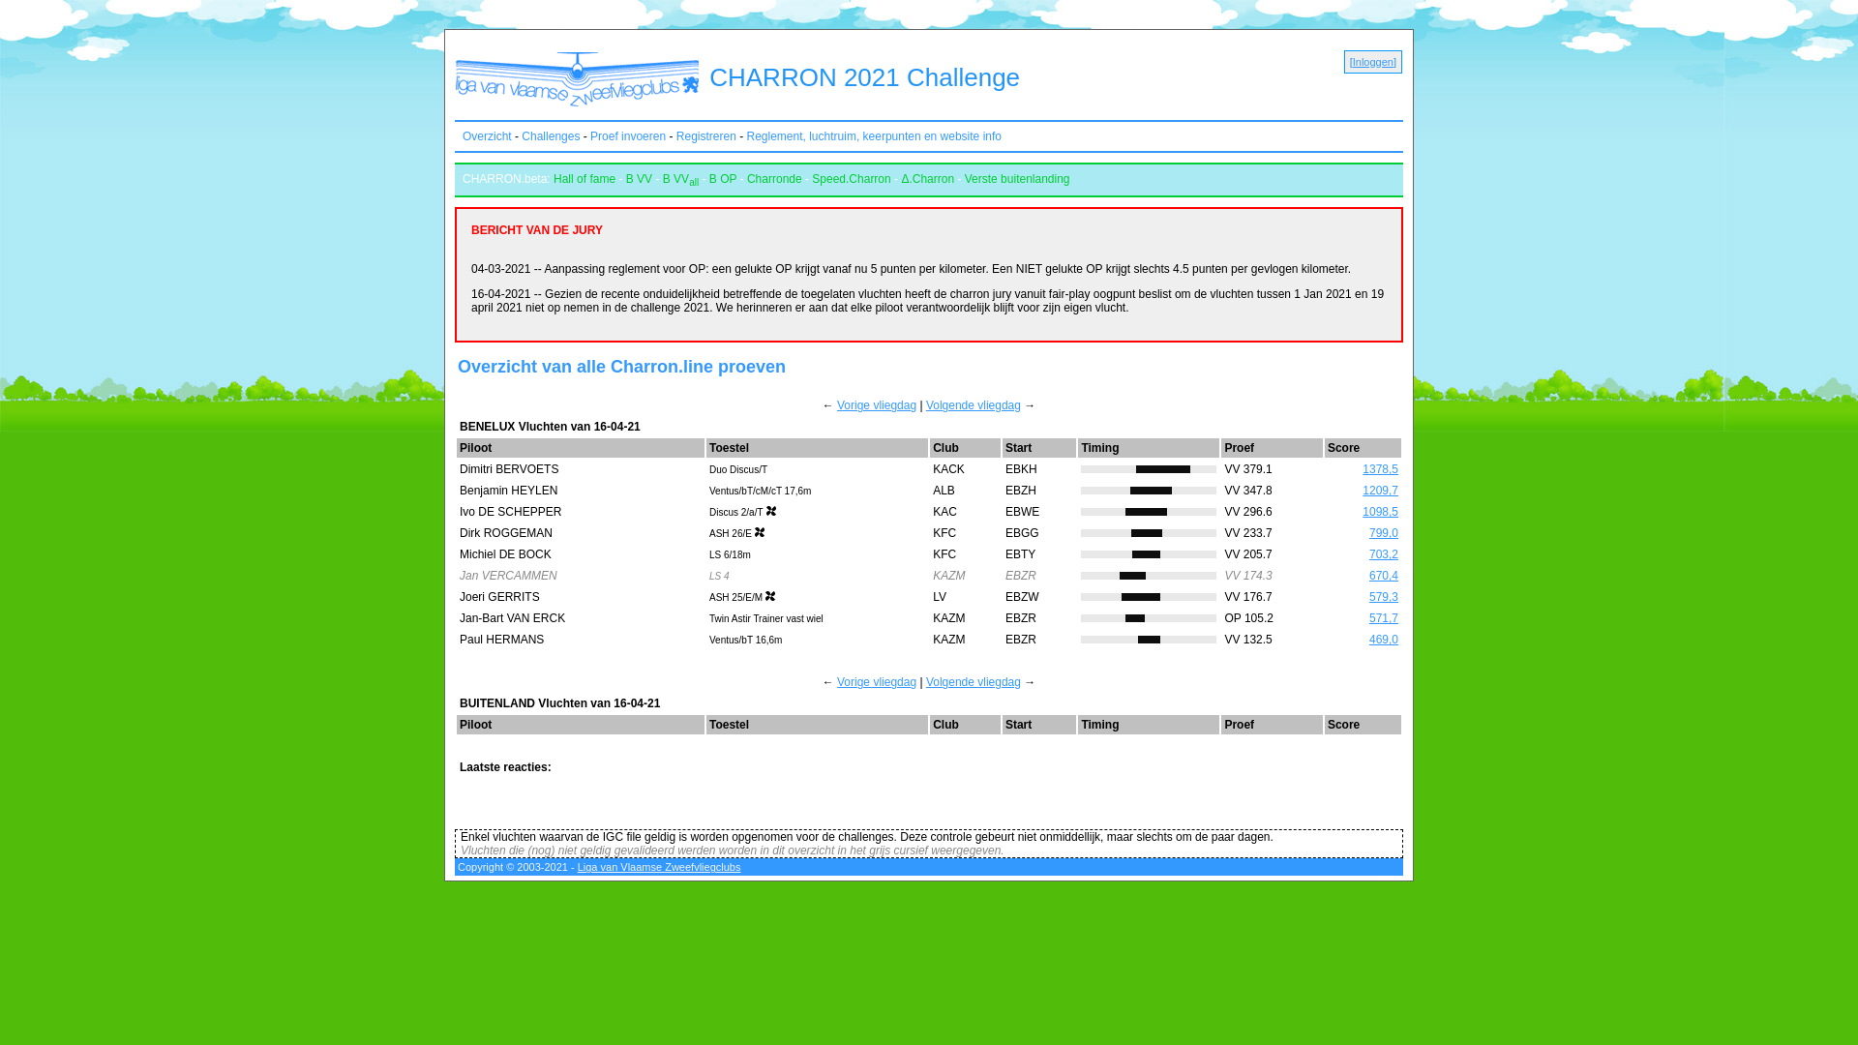  I want to click on 'Begin tijdsbalk: 6:00 UTC, Einde tijdsbalk: 20:00 UTC', so click(1148, 618).